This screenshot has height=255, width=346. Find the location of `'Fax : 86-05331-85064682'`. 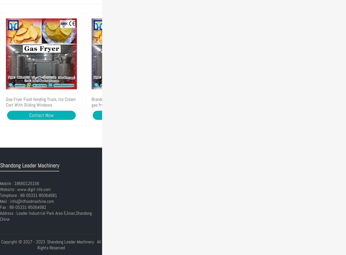

'Fax : 86-05331-85064682' is located at coordinates (23, 207).